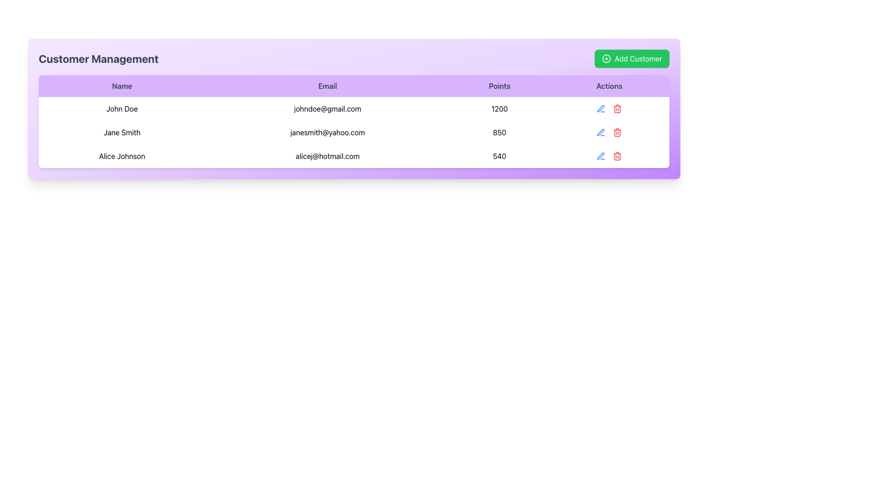  What do you see at coordinates (606, 58) in the screenshot?
I see `the 'Add Customer' icon located to the left of the text label on the button with a green background` at bounding box center [606, 58].